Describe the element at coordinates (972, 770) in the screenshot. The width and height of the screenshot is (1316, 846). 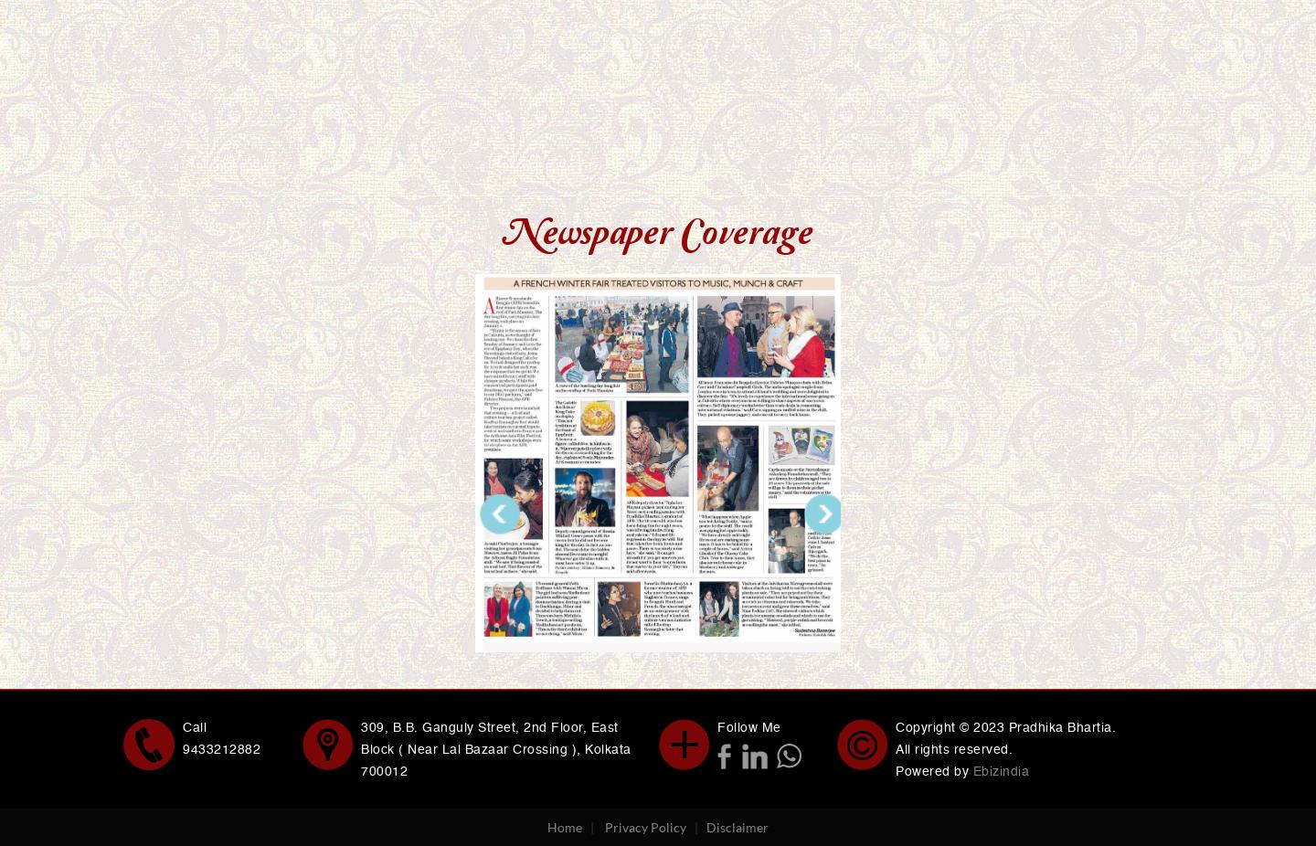
I see `'Ebizindia'` at that location.